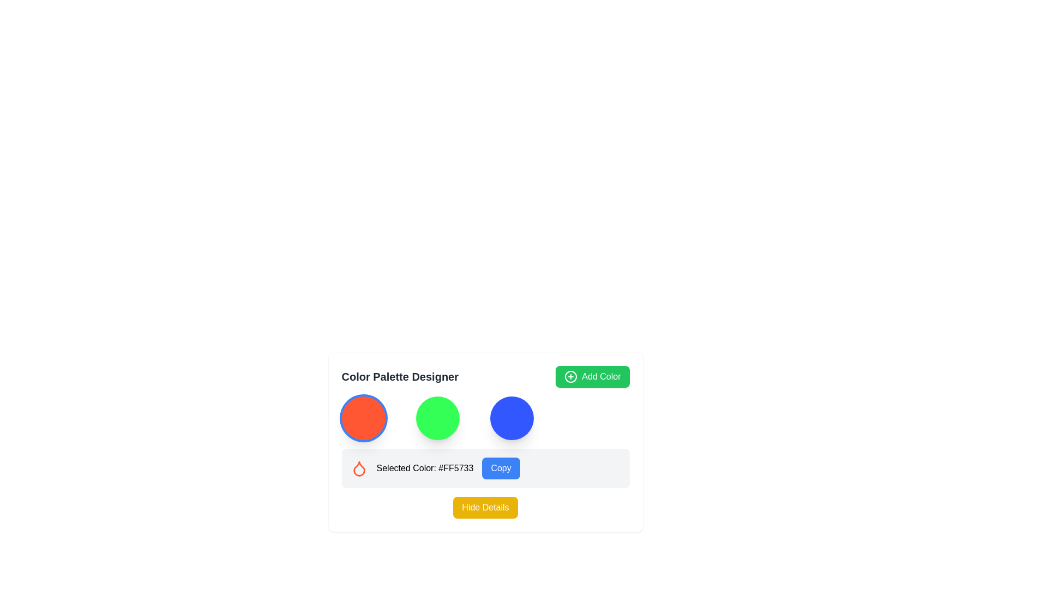 The height and width of the screenshot is (589, 1047). I want to click on the red droplet-shaped graphical icon representing the selected color in the color palette selection interface, so click(359, 468).